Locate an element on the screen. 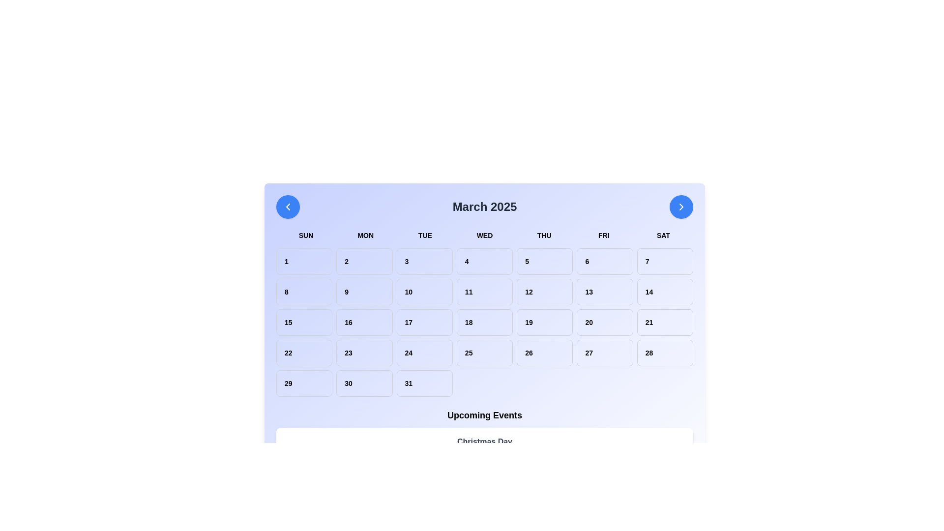 This screenshot has height=531, width=944. the selectable calendar date block for the date '13' is located at coordinates (604, 292).